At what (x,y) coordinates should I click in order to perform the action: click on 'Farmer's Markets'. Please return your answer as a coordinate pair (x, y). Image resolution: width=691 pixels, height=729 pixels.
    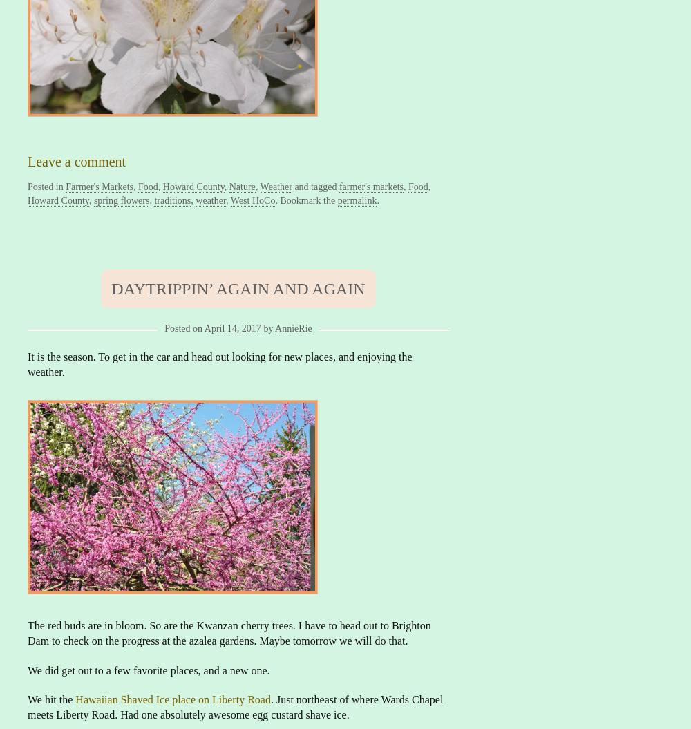
    Looking at the image, I should click on (100, 187).